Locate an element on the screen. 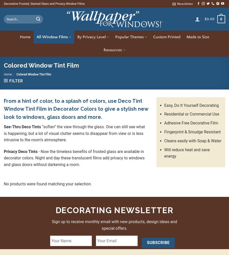 The height and width of the screenshot is (255, 229). 'Filter' is located at coordinates (16, 81).